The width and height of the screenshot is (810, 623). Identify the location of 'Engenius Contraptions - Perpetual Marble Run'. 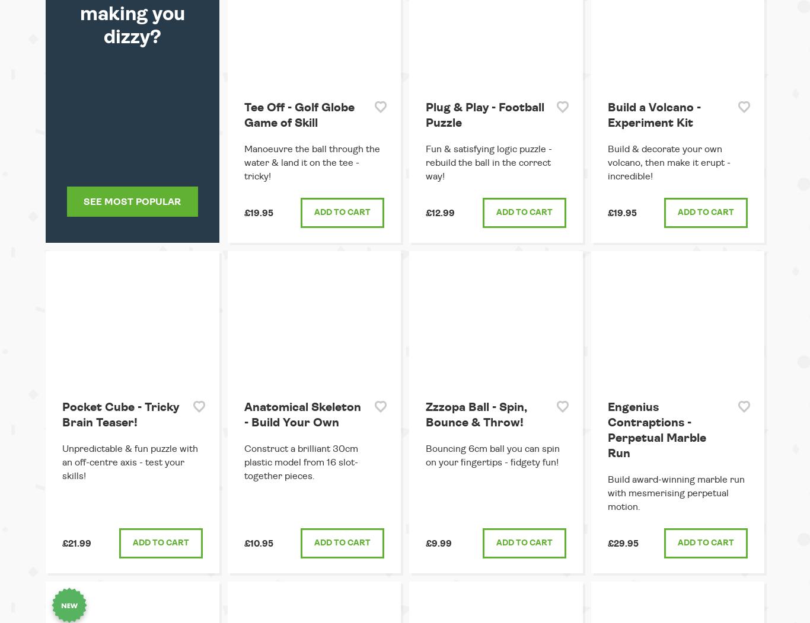
(607, 431).